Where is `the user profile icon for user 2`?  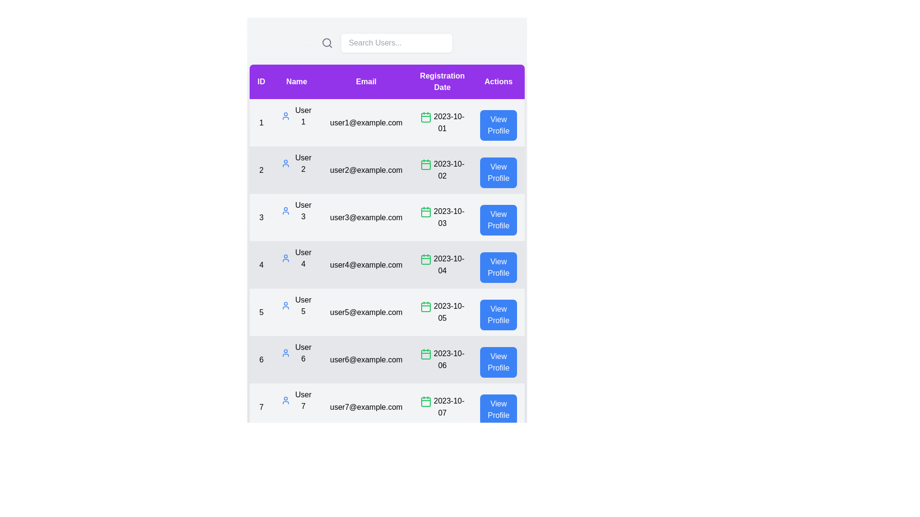 the user profile icon for user 2 is located at coordinates (285, 163).